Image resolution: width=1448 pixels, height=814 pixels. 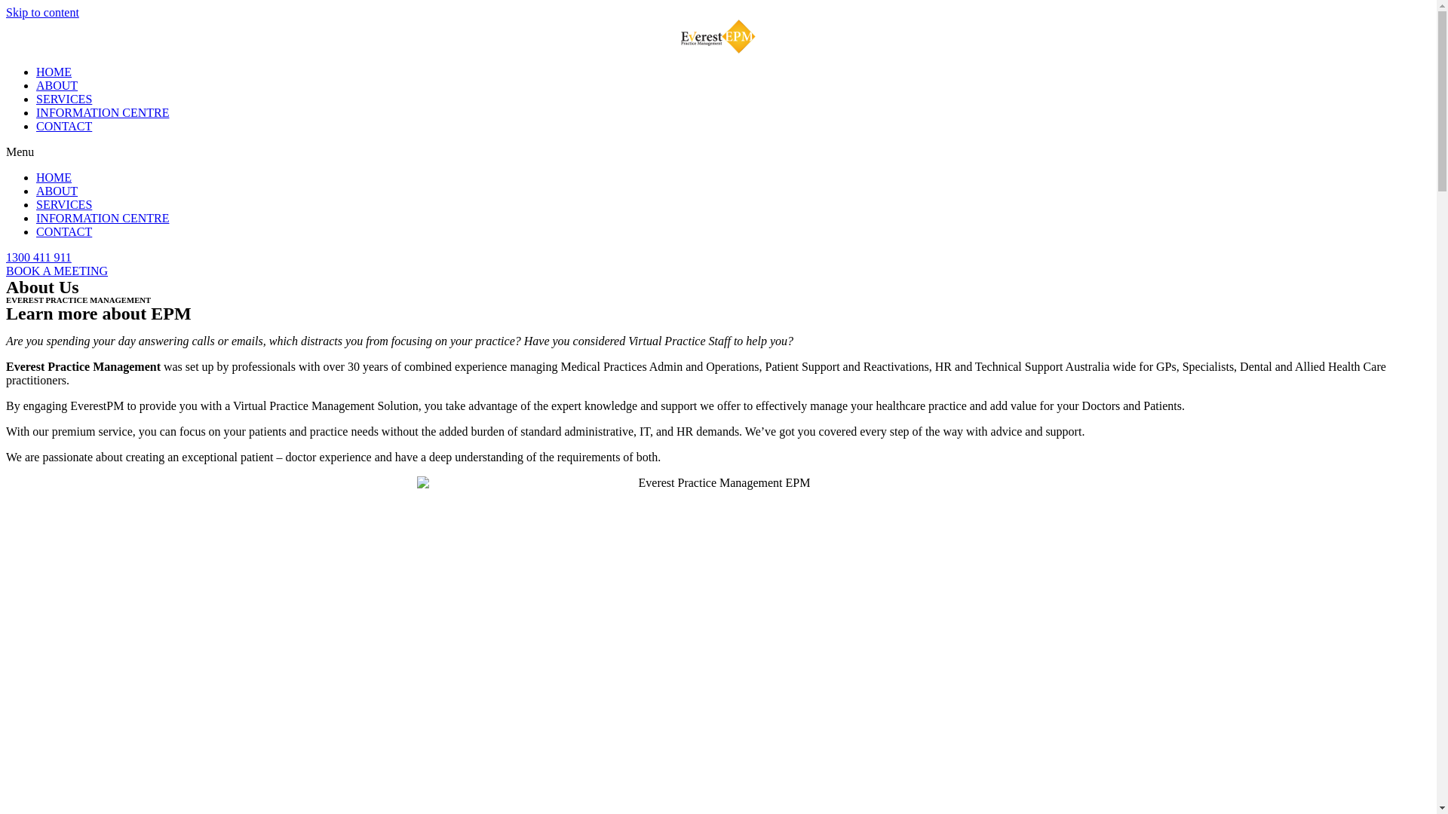 What do you see at coordinates (57, 85) in the screenshot?
I see `'ABOUT'` at bounding box center [57, 85].